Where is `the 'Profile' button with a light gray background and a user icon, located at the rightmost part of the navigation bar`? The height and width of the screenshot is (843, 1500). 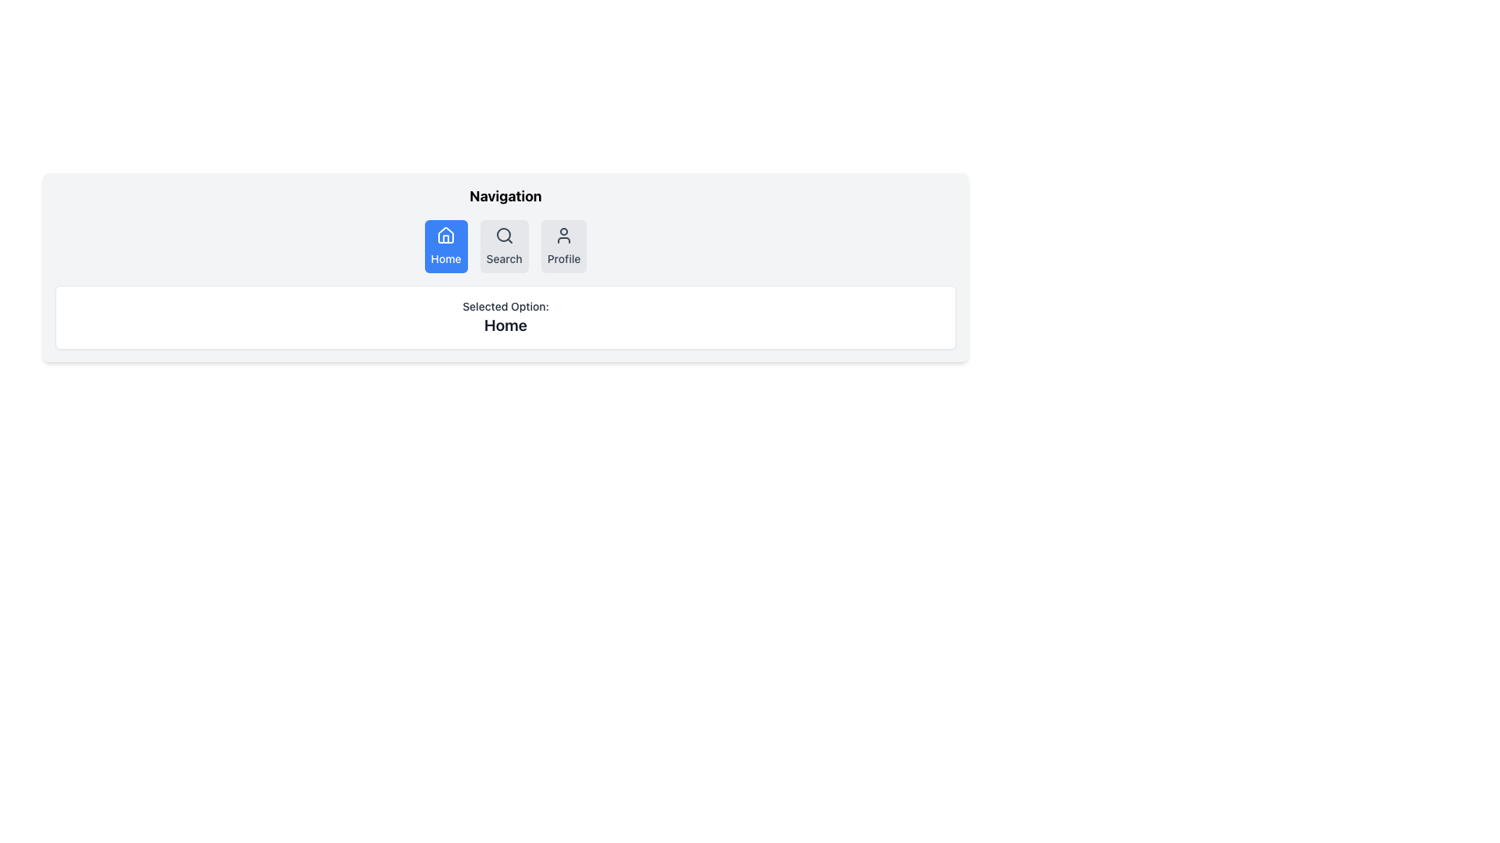 the 'Profile' button with a light gray background and a user icon, located at the rightmost part of the navigation bar is located at coordinates (562, 246).